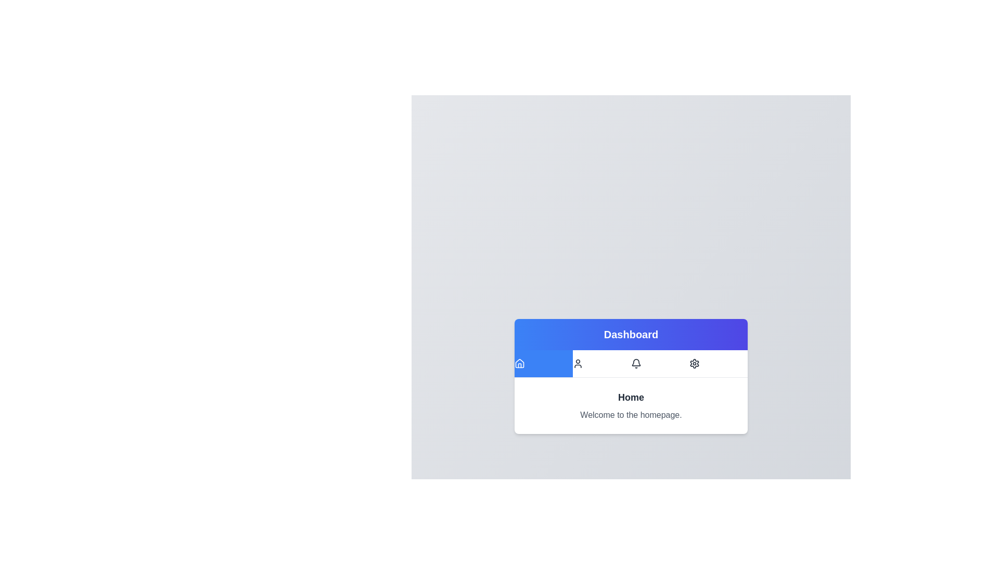 The width and height of the screenshot is (999, 562). What do you see at coordinates (659, 363) in the screenshot?
I see `the Notifications tab to navigate to the corresponding section` at bounding box center [659, 363].